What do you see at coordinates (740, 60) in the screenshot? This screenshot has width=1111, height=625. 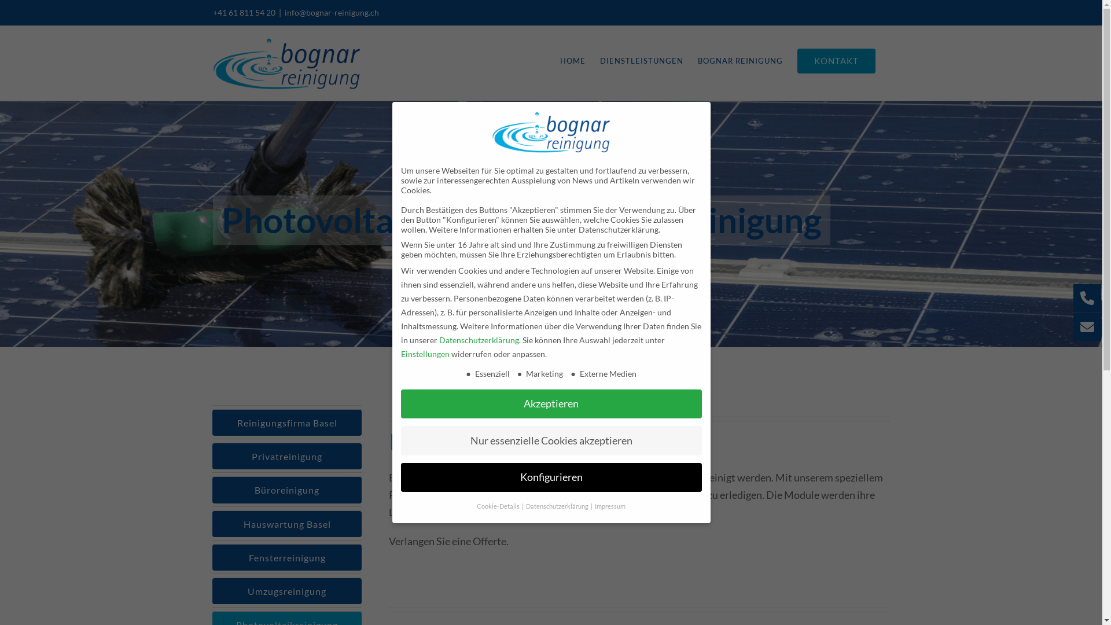 I see `'BOGNAR REINIGUNG'` at bounding box center [740, 60].